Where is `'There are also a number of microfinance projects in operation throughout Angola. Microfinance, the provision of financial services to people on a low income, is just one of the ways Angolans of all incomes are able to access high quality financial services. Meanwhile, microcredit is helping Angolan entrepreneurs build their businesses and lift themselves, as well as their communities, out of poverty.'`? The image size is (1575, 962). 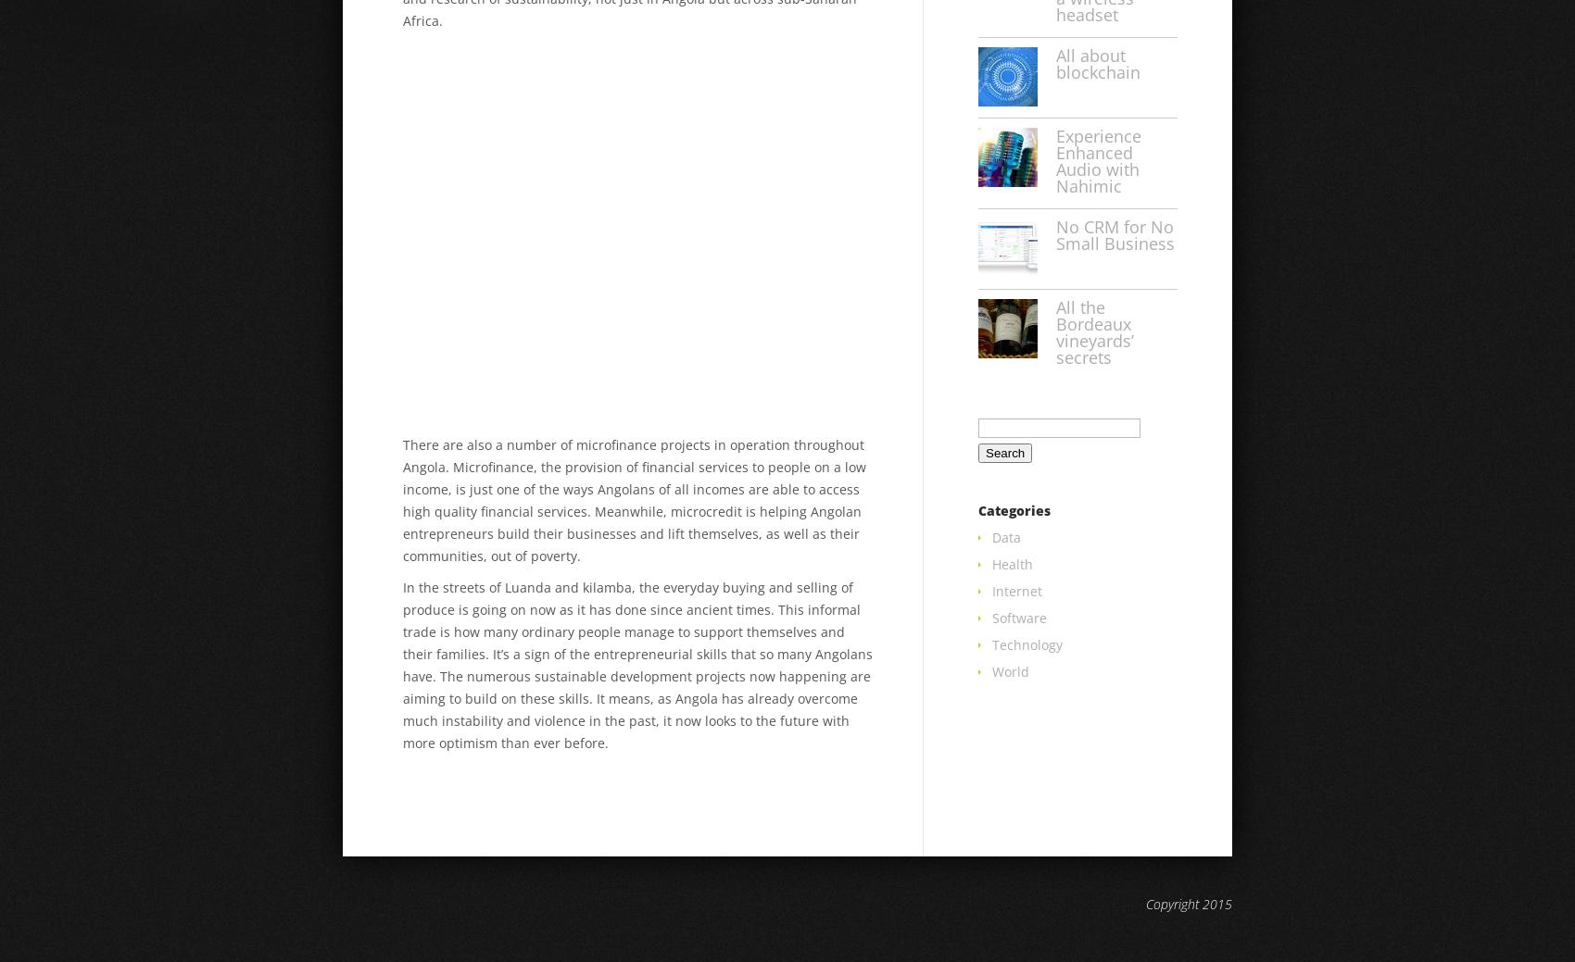
'There are also a number of microfinance projects in operation throughout Angola. Microfinance, the provision of financial services to people on a low income, is just one of the ways Angolans of all incomes are able to access high quality financial services. Meanwhile, microcredit is helping Angolan entrepreneurs build their businesses and lift themselves, as well as their communities, out of poverty.' is located at coordinates (634, 500).